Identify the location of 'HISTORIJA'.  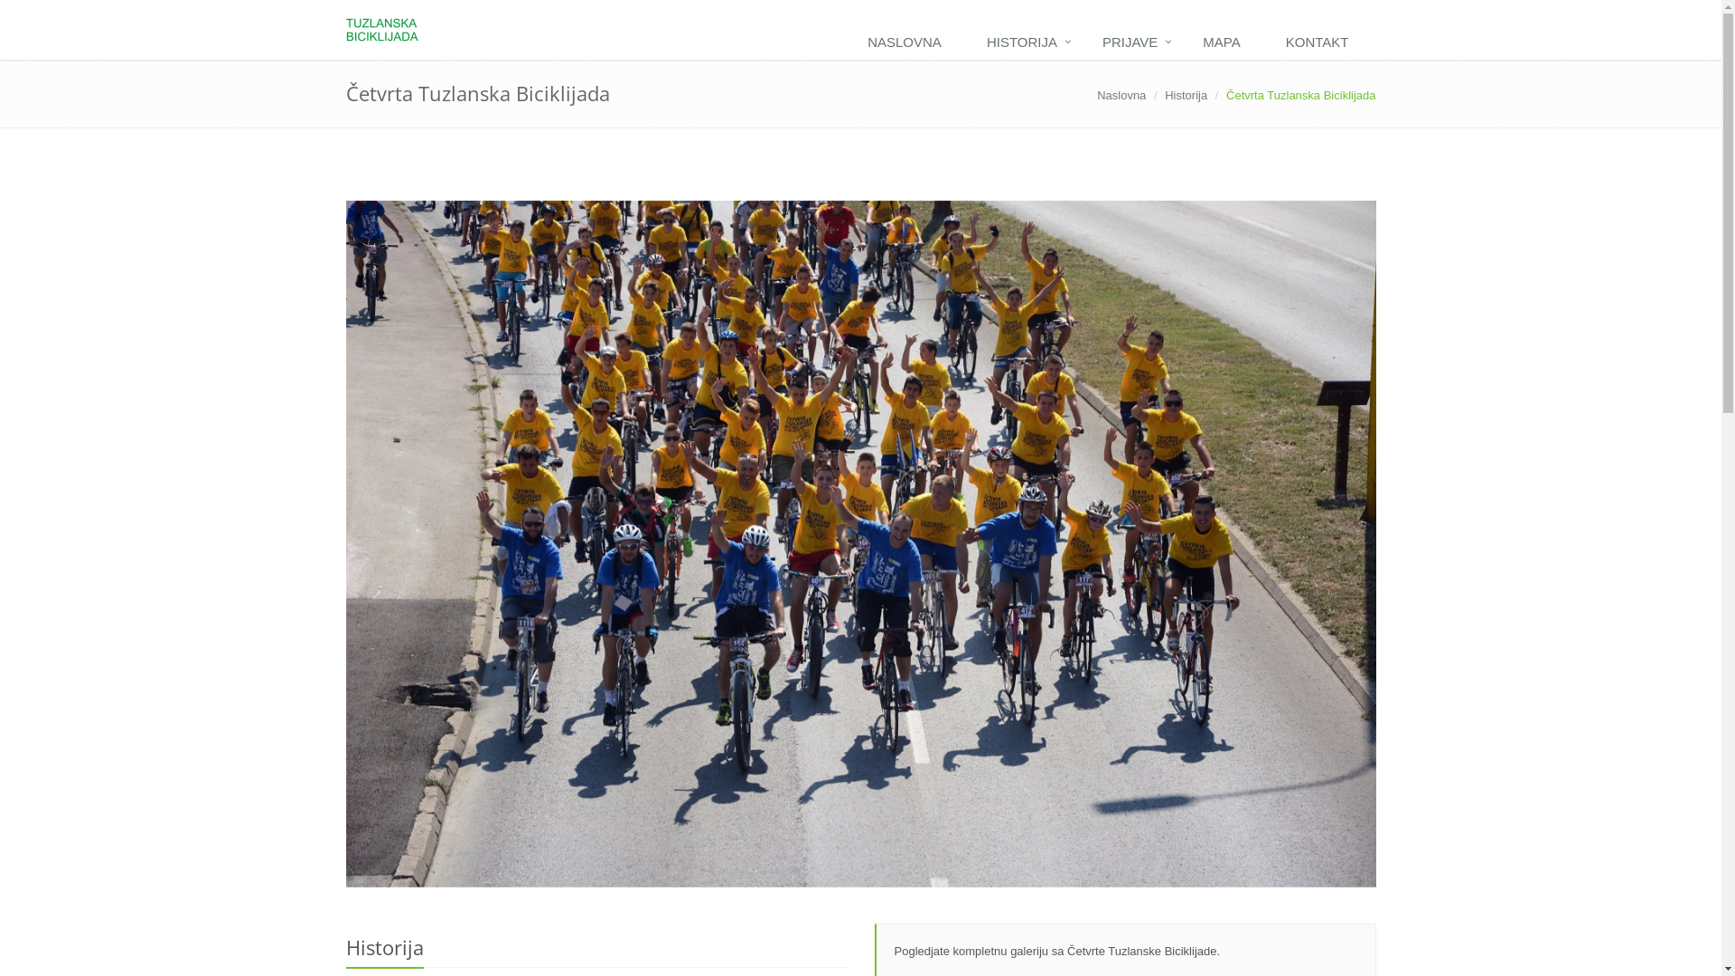
(967, 42).